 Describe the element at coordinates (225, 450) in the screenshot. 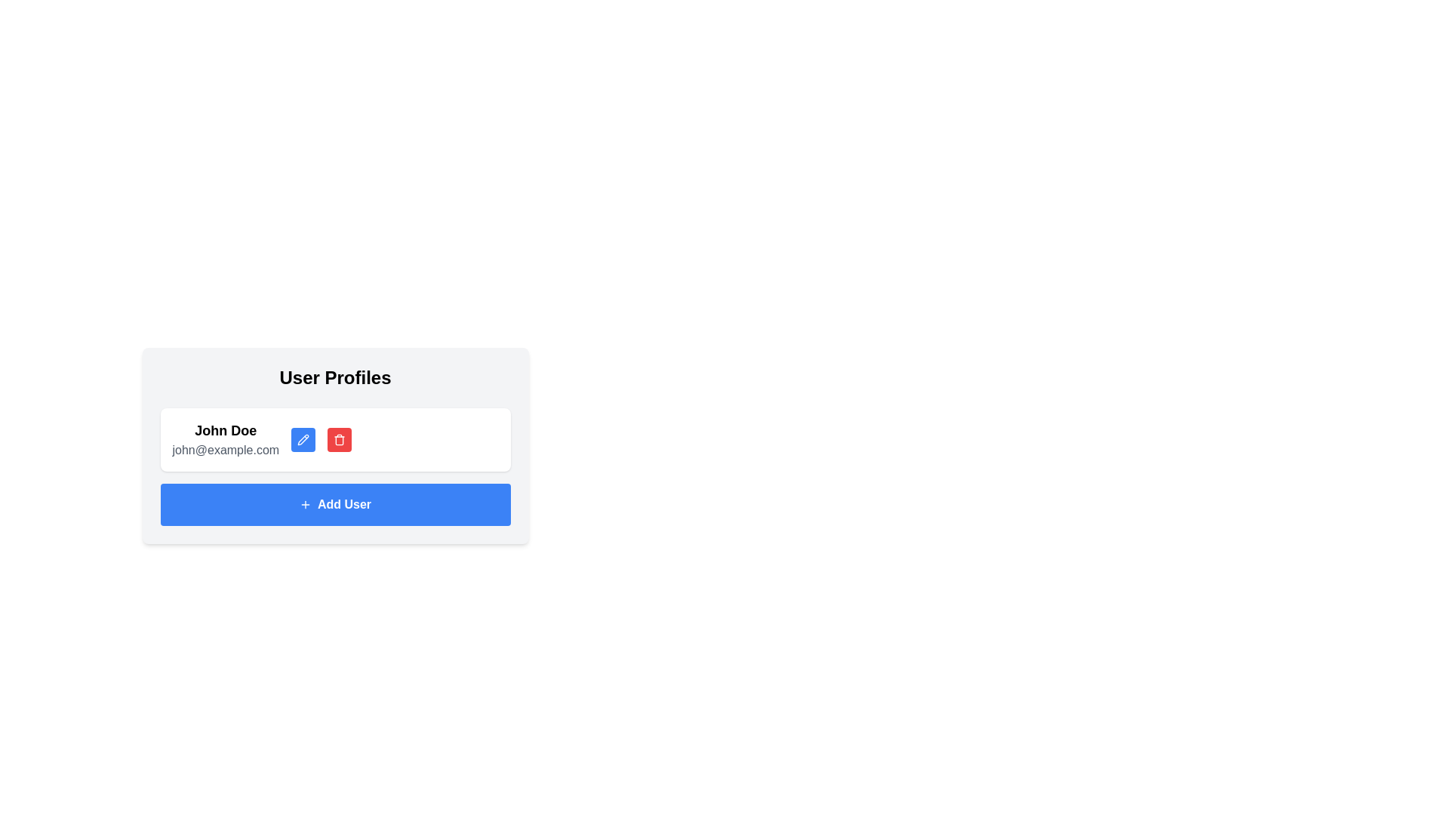

I see `the text label displaying the email address 'john@example.com' located below 'John Doe' in the user card block` at that location.